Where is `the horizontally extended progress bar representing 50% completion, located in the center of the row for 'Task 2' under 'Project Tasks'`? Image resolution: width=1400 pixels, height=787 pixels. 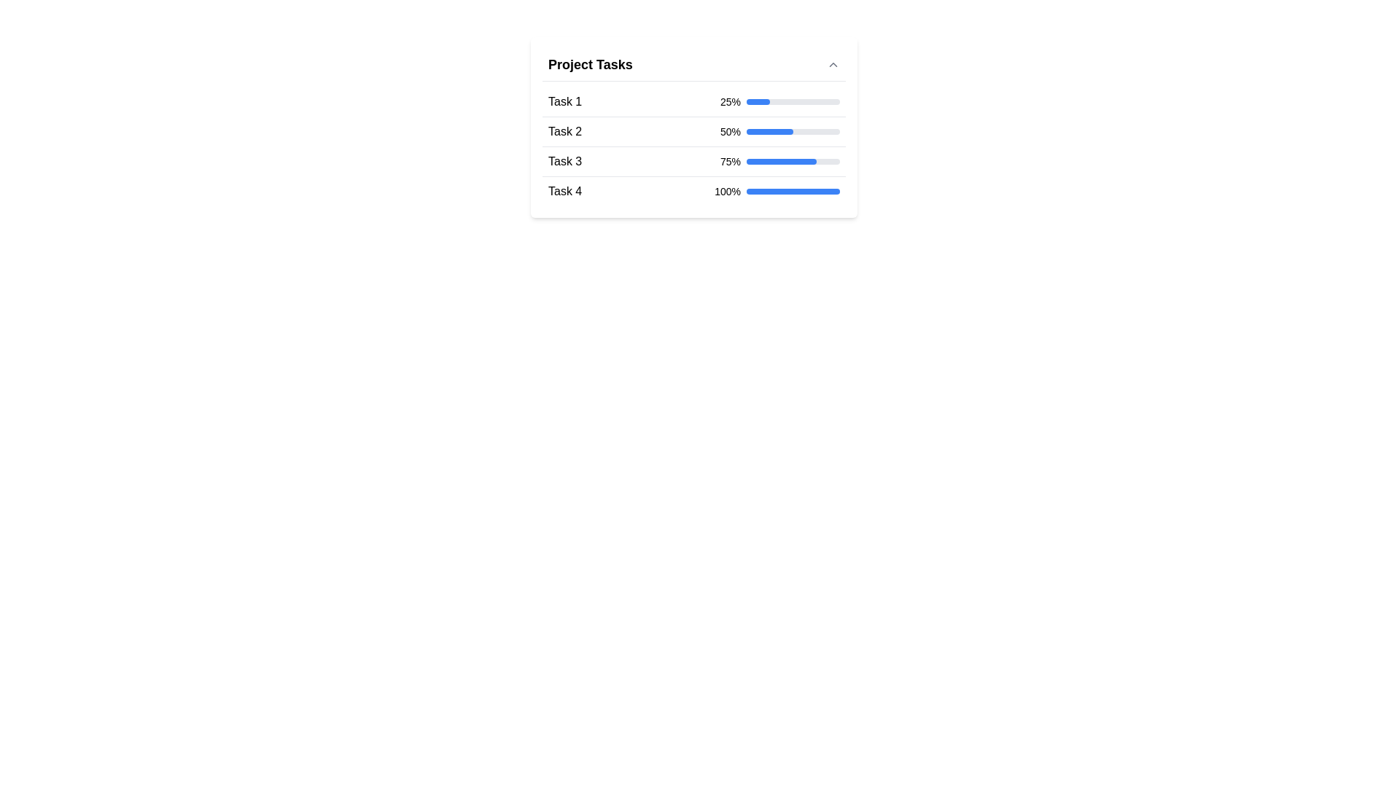 the horizontally extended progress bar representing 50% completion, located in the center of the row for 'Task 2' under 'Project Tasks' is located at coordinates (793, 132).